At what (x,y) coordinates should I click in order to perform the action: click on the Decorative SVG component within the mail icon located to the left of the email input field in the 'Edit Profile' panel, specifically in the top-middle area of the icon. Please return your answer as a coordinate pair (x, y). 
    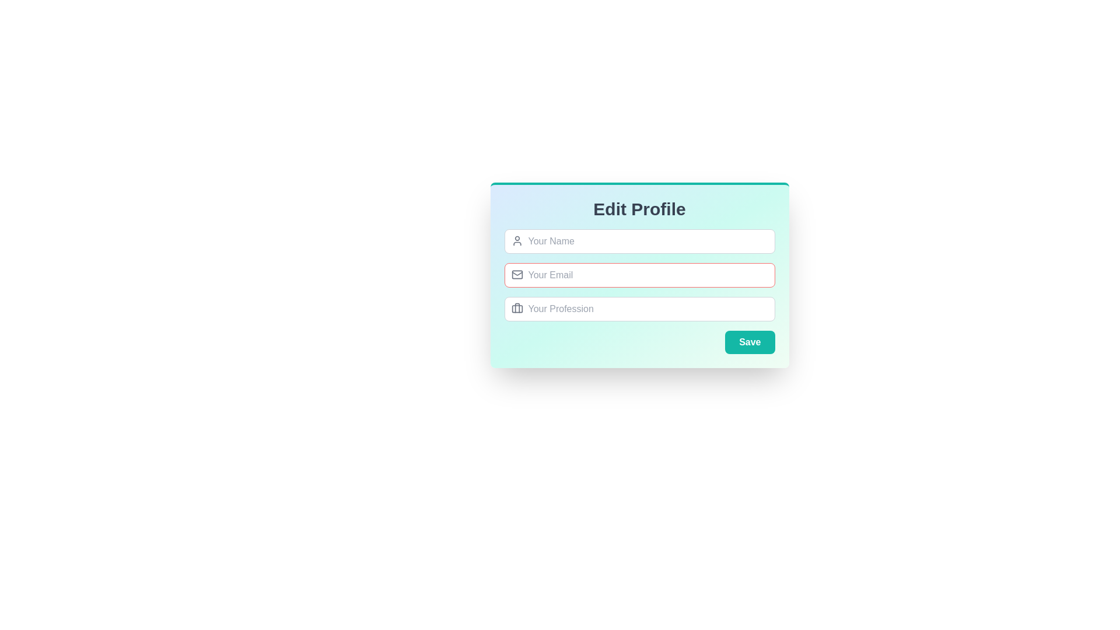
    Looking at the image, I should click on (516, 274).